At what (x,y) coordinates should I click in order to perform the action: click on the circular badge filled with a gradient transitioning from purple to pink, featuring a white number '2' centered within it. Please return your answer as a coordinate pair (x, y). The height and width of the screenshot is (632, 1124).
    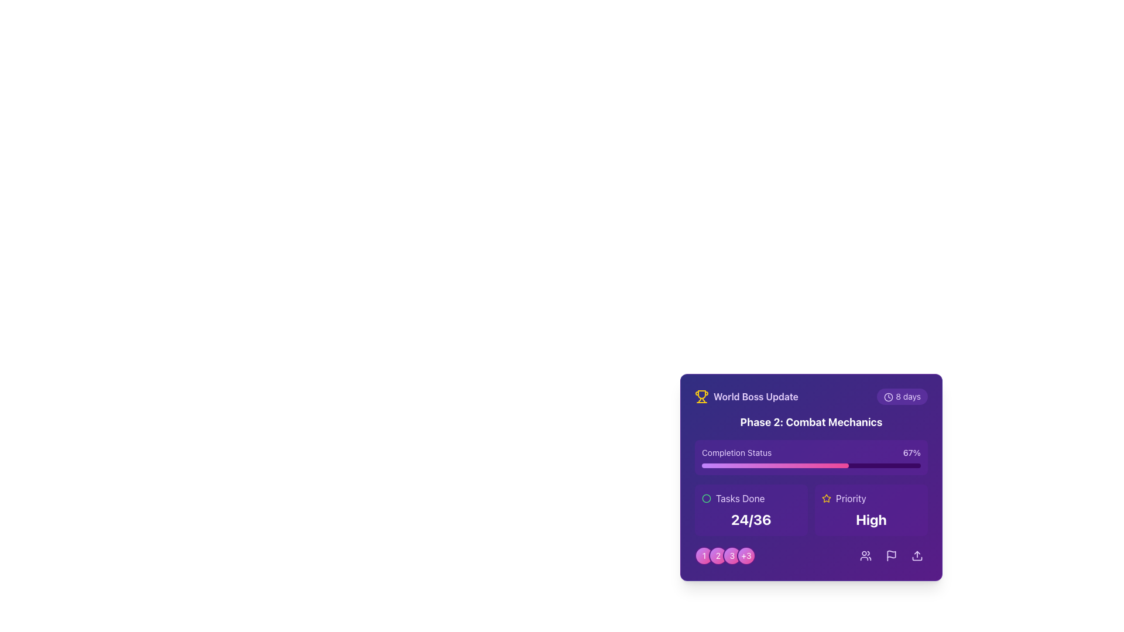
    Looking at the image, I should click on (718, 555).